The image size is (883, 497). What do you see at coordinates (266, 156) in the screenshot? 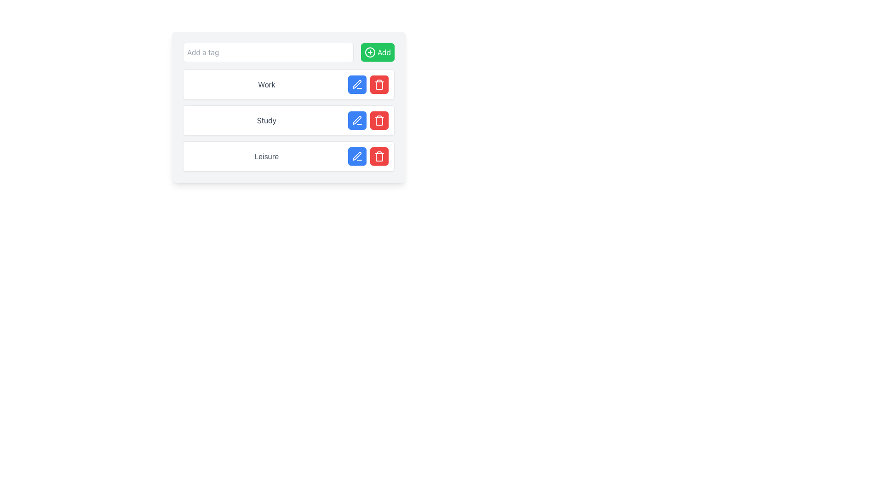
I see `the text label that identifies the third item in the list, which is part of a rectangular block containing interactive components` at bounding box center [266, 156].